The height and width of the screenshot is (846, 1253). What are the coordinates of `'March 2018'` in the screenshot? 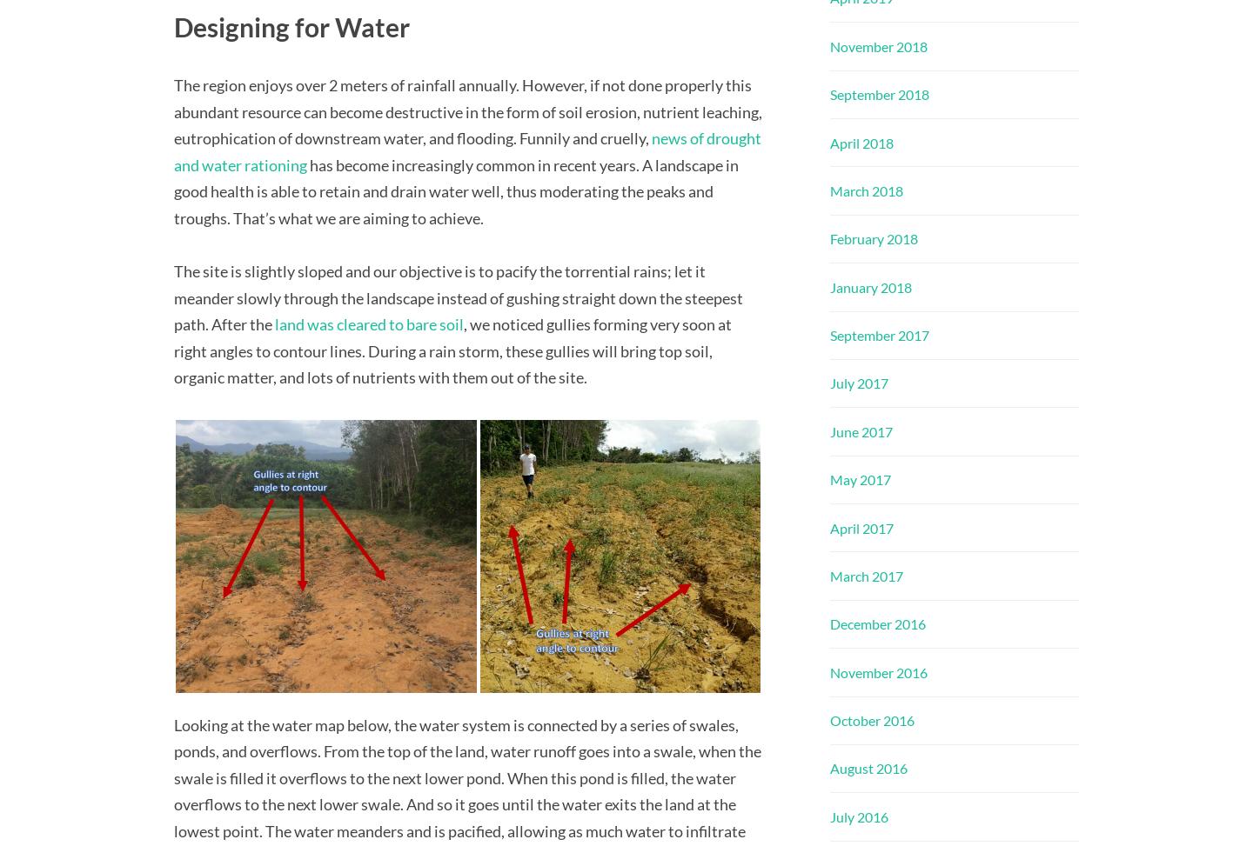 It's located at (866, 189).